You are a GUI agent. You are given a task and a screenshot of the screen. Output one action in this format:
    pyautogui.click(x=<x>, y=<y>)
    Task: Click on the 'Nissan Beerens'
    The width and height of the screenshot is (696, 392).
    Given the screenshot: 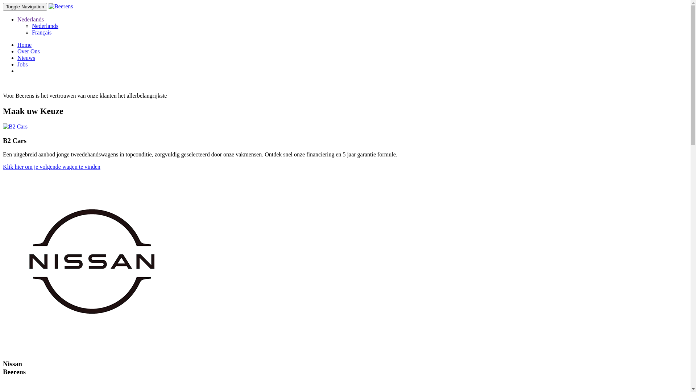 What is the action you would take?
    pyautogui.click(x=93, y=260)
    